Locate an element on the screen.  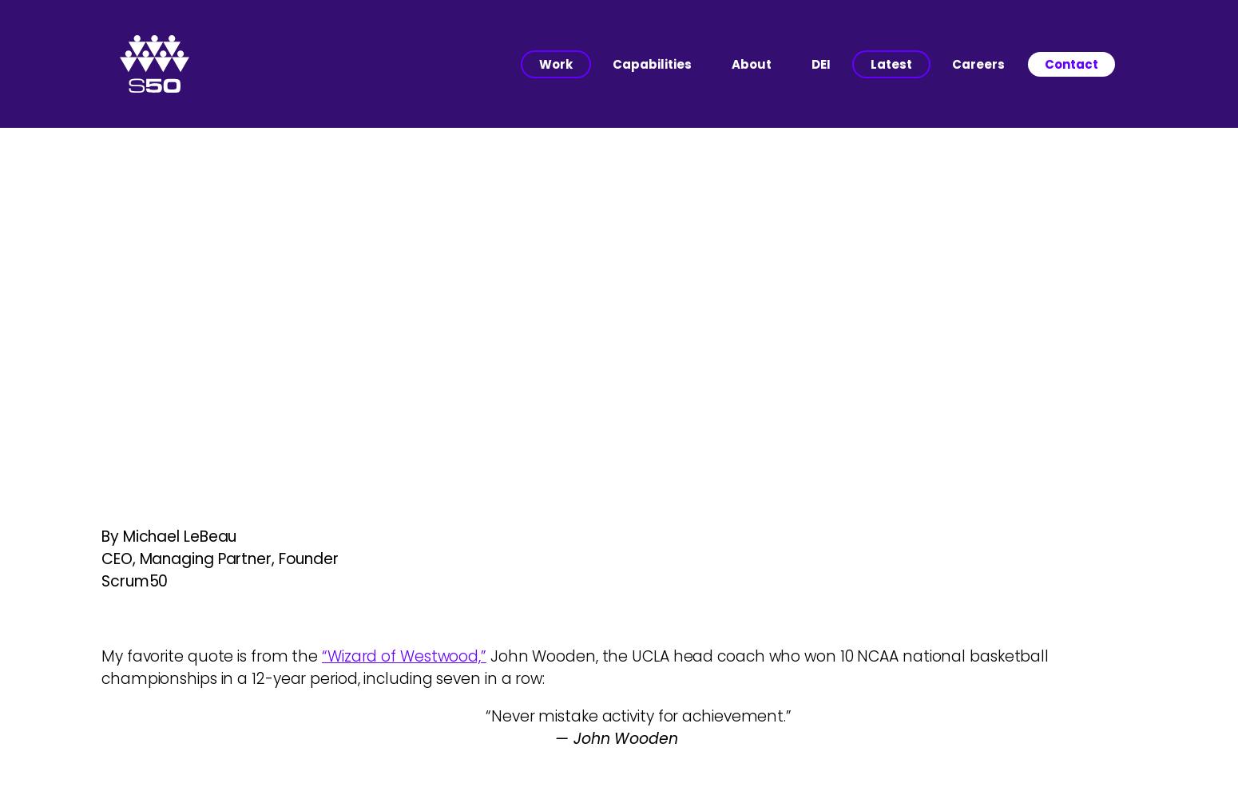
'Working Smarter Is Better Than Working Harder' is located at coordinates (618, 296).